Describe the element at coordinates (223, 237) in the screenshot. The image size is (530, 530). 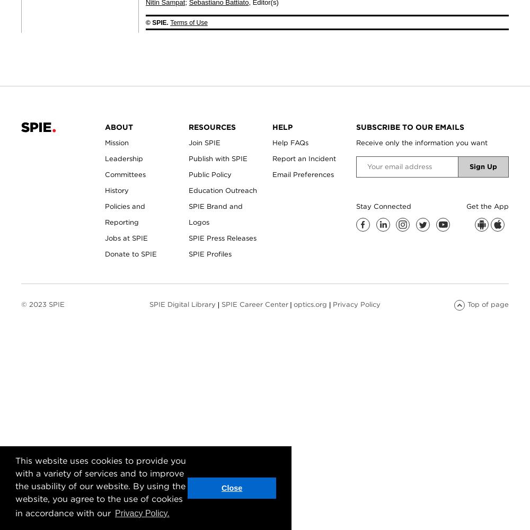
I see `'SPIE Press Releases'` at that location.